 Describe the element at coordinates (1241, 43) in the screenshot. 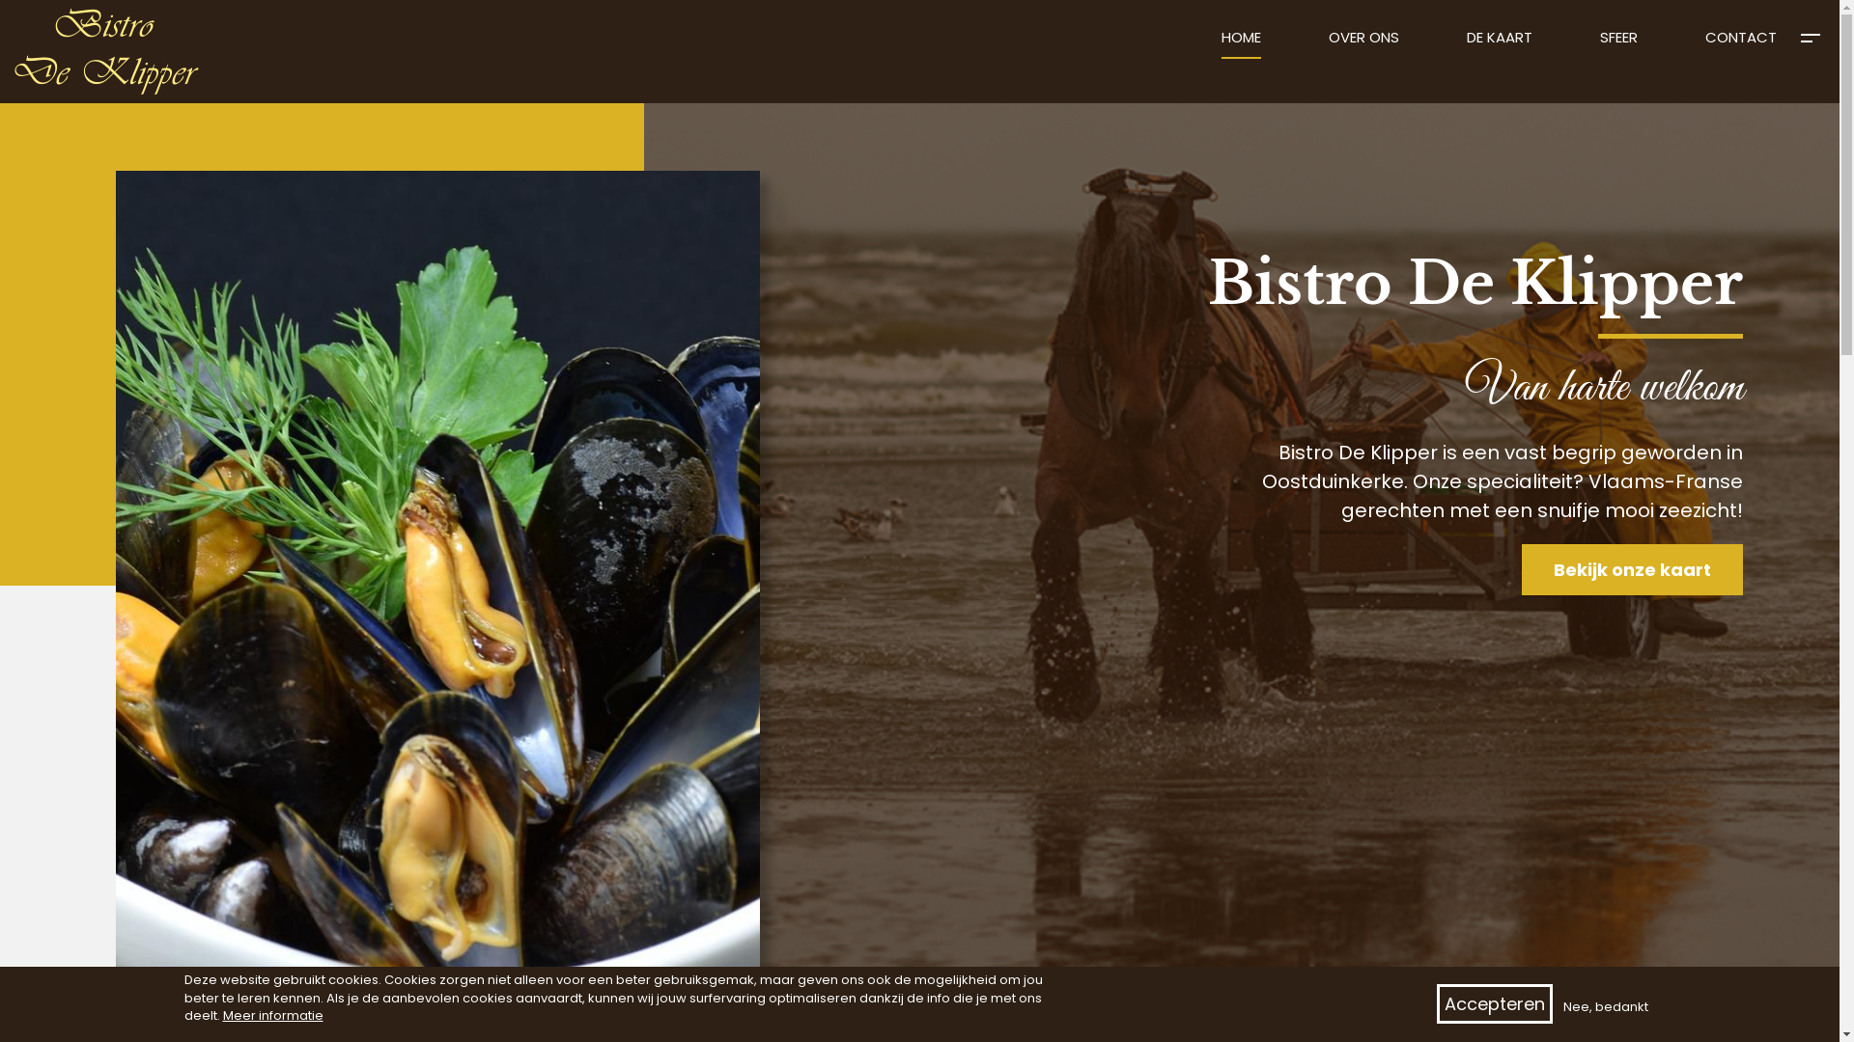

I see `'HOME'` at that location.